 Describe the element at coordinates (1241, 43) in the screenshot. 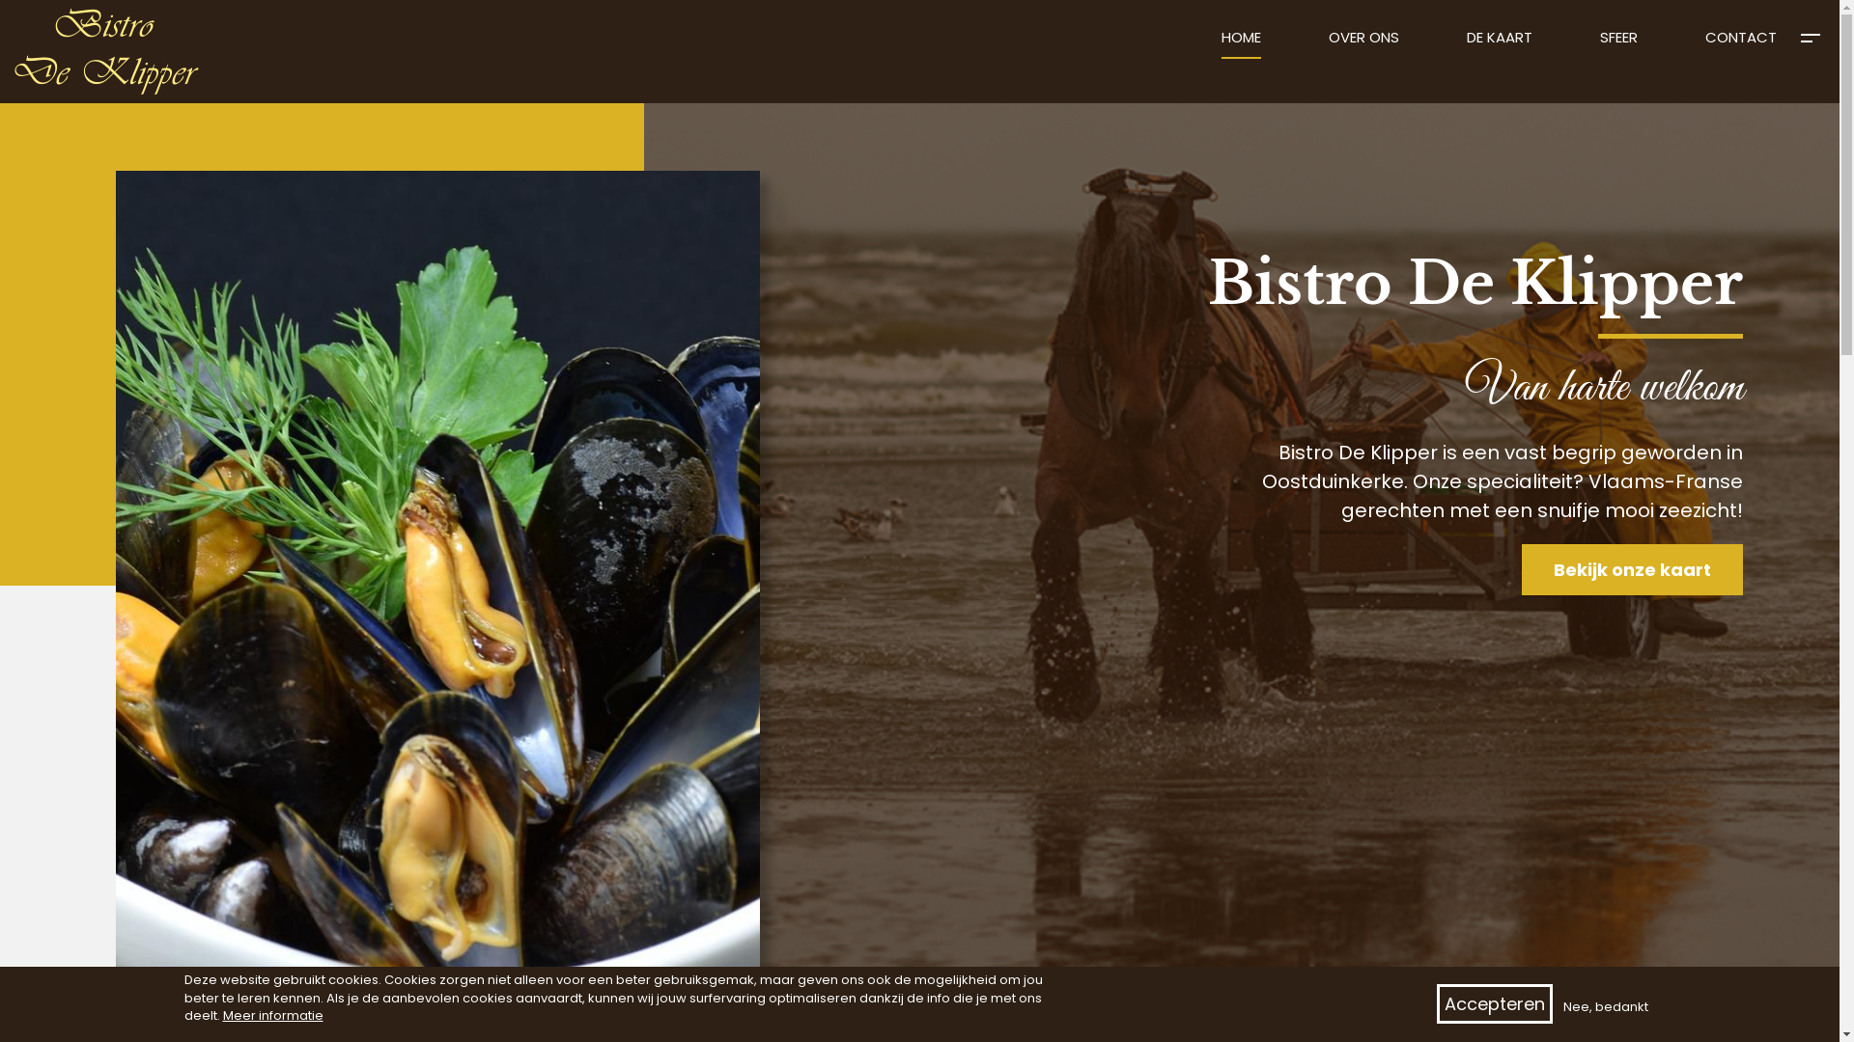

I see `'HOME'` at that location.